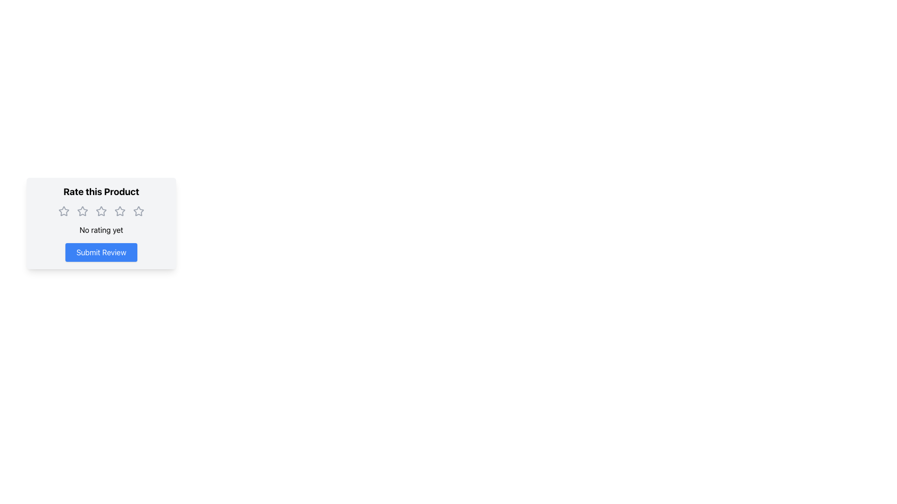 The height and width of the screenshot is (504, 897). What do you see at coordinates (101, 211) in the screenshot?
I see `the third star icon in the rating section` at bounding box center [101, 211].